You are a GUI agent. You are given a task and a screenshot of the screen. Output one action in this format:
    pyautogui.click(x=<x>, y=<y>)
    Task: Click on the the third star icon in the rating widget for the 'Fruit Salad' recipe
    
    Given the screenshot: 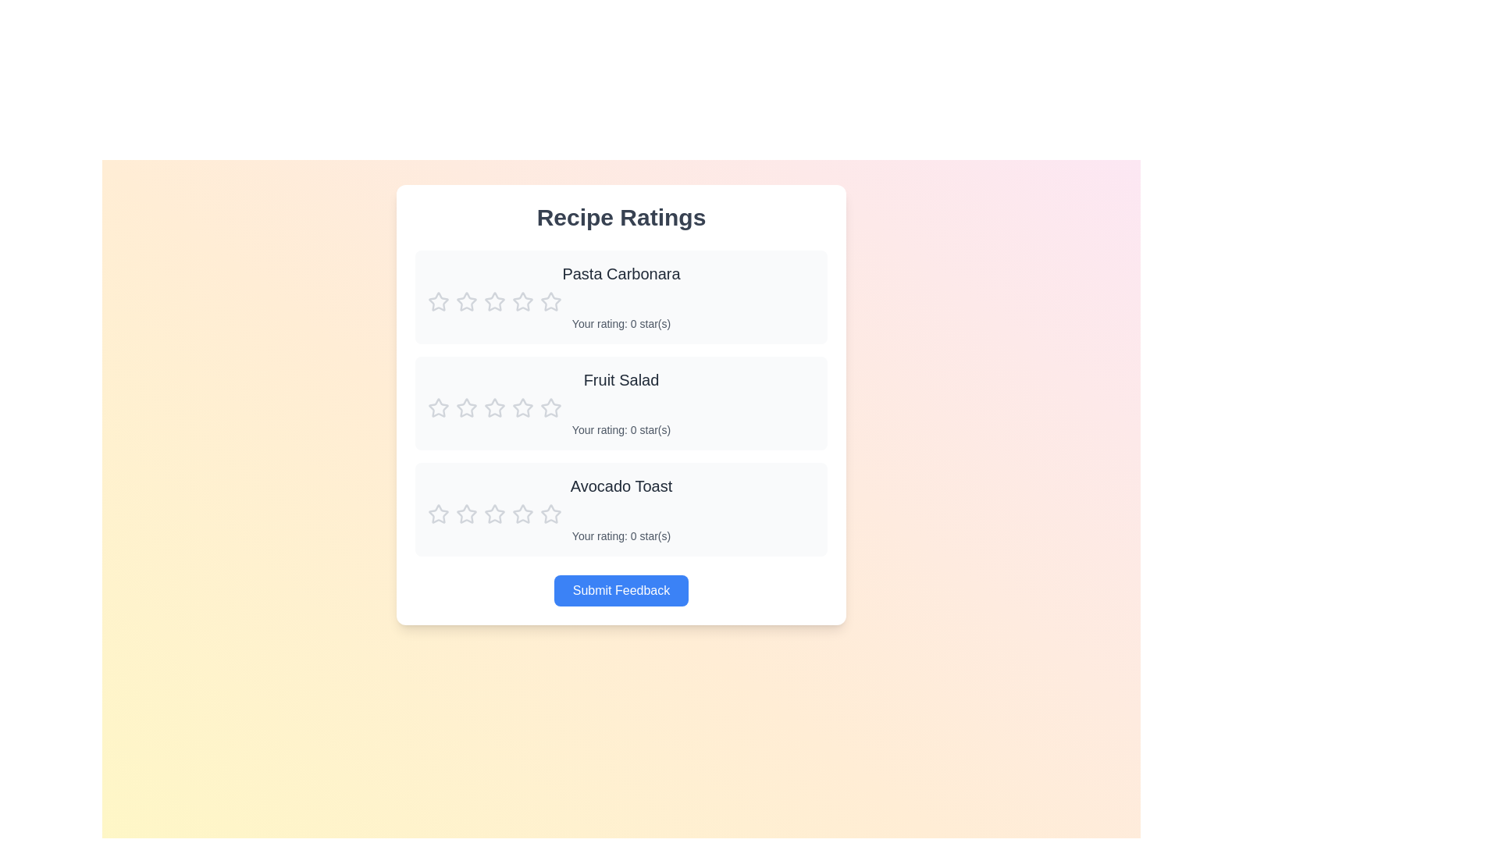 What is the action you would take?
    pyautogui.click(x=466, y=407)
    